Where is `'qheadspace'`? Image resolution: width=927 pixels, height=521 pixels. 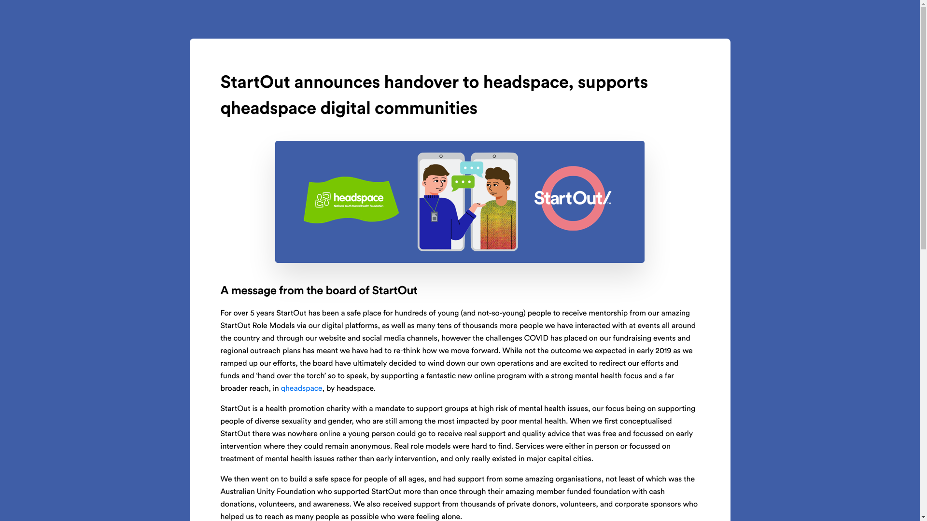
'qheadspace' is located at coordinates (280, 388).